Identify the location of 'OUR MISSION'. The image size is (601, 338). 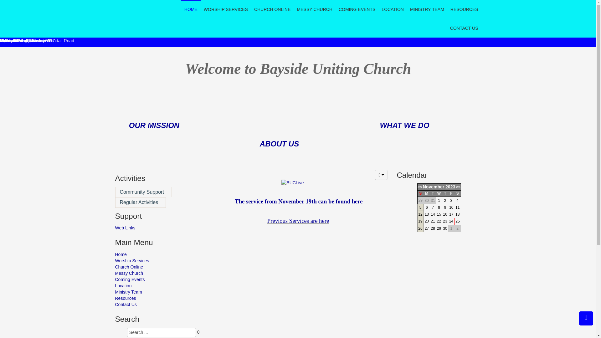
(129, 126).